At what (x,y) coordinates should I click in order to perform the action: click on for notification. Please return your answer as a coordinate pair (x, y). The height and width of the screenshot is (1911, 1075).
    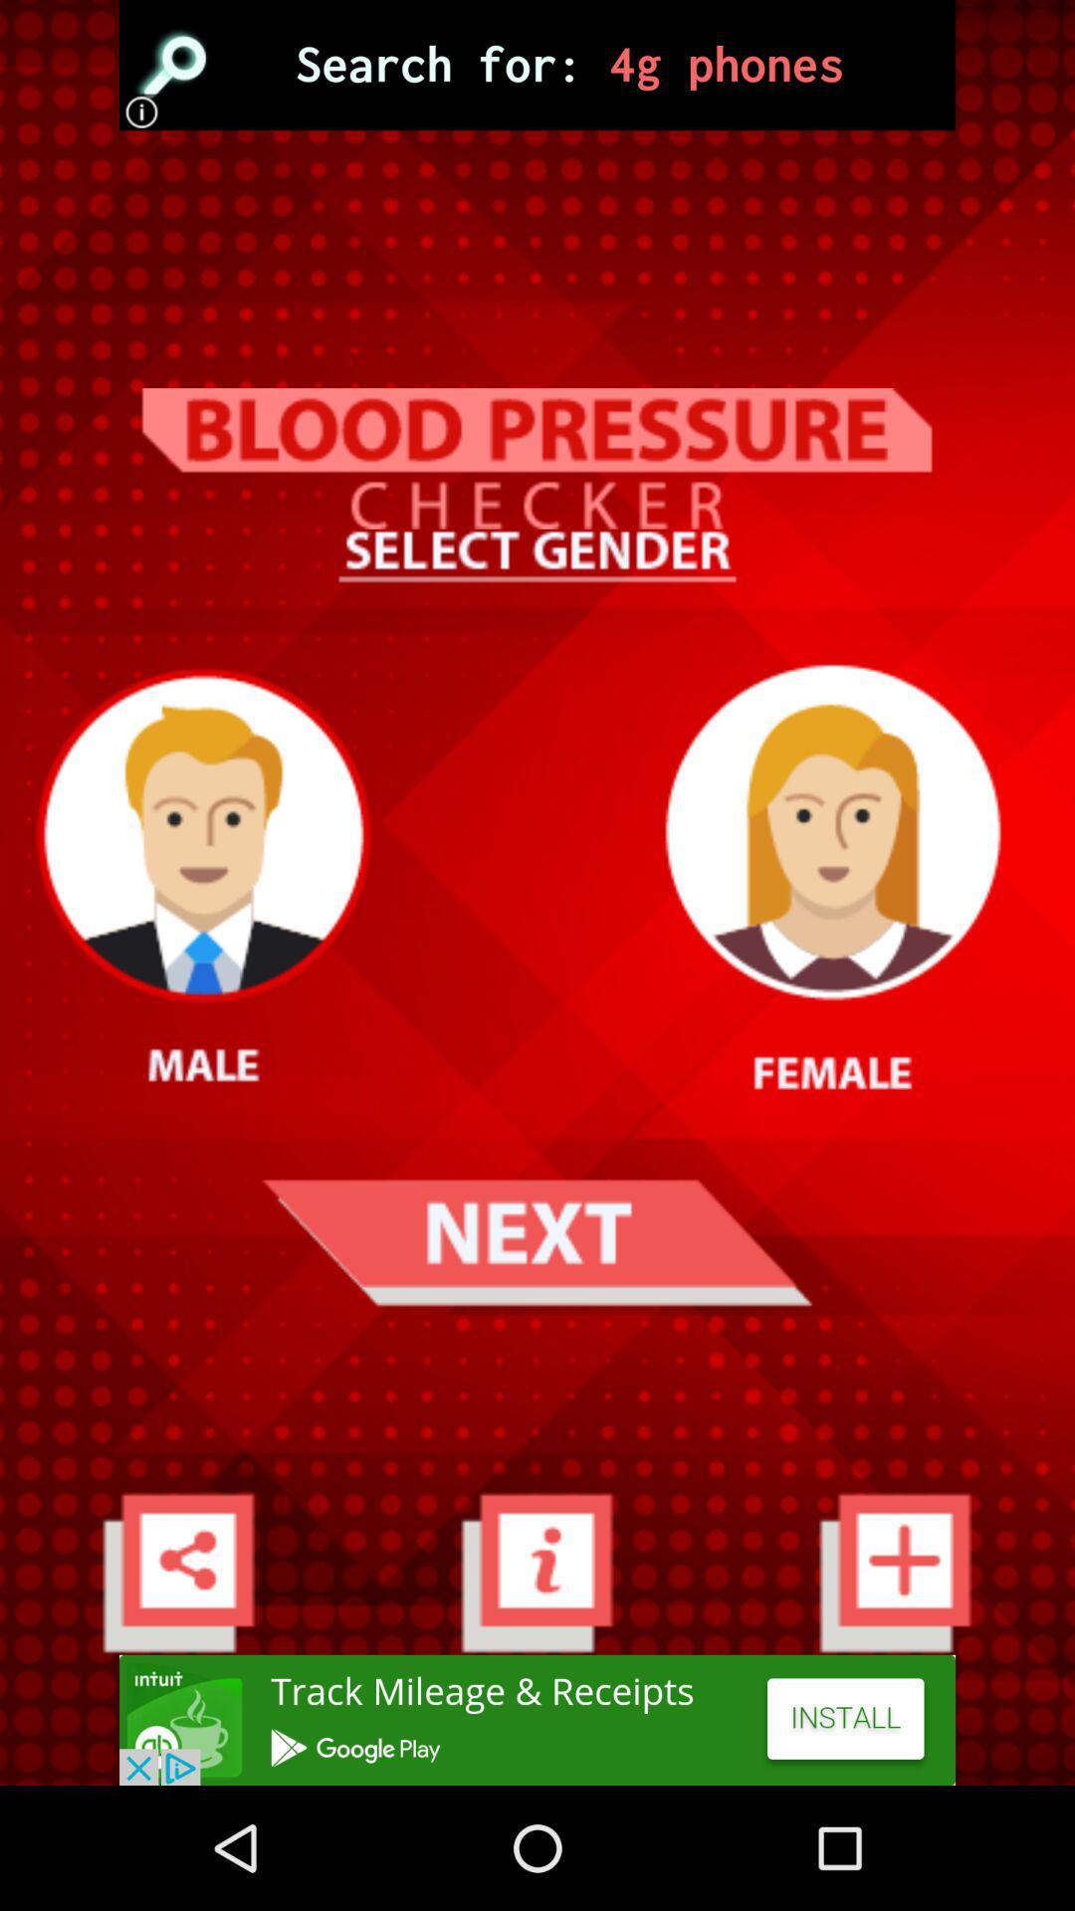
    Looking at the image, I should click on (536, 1571).